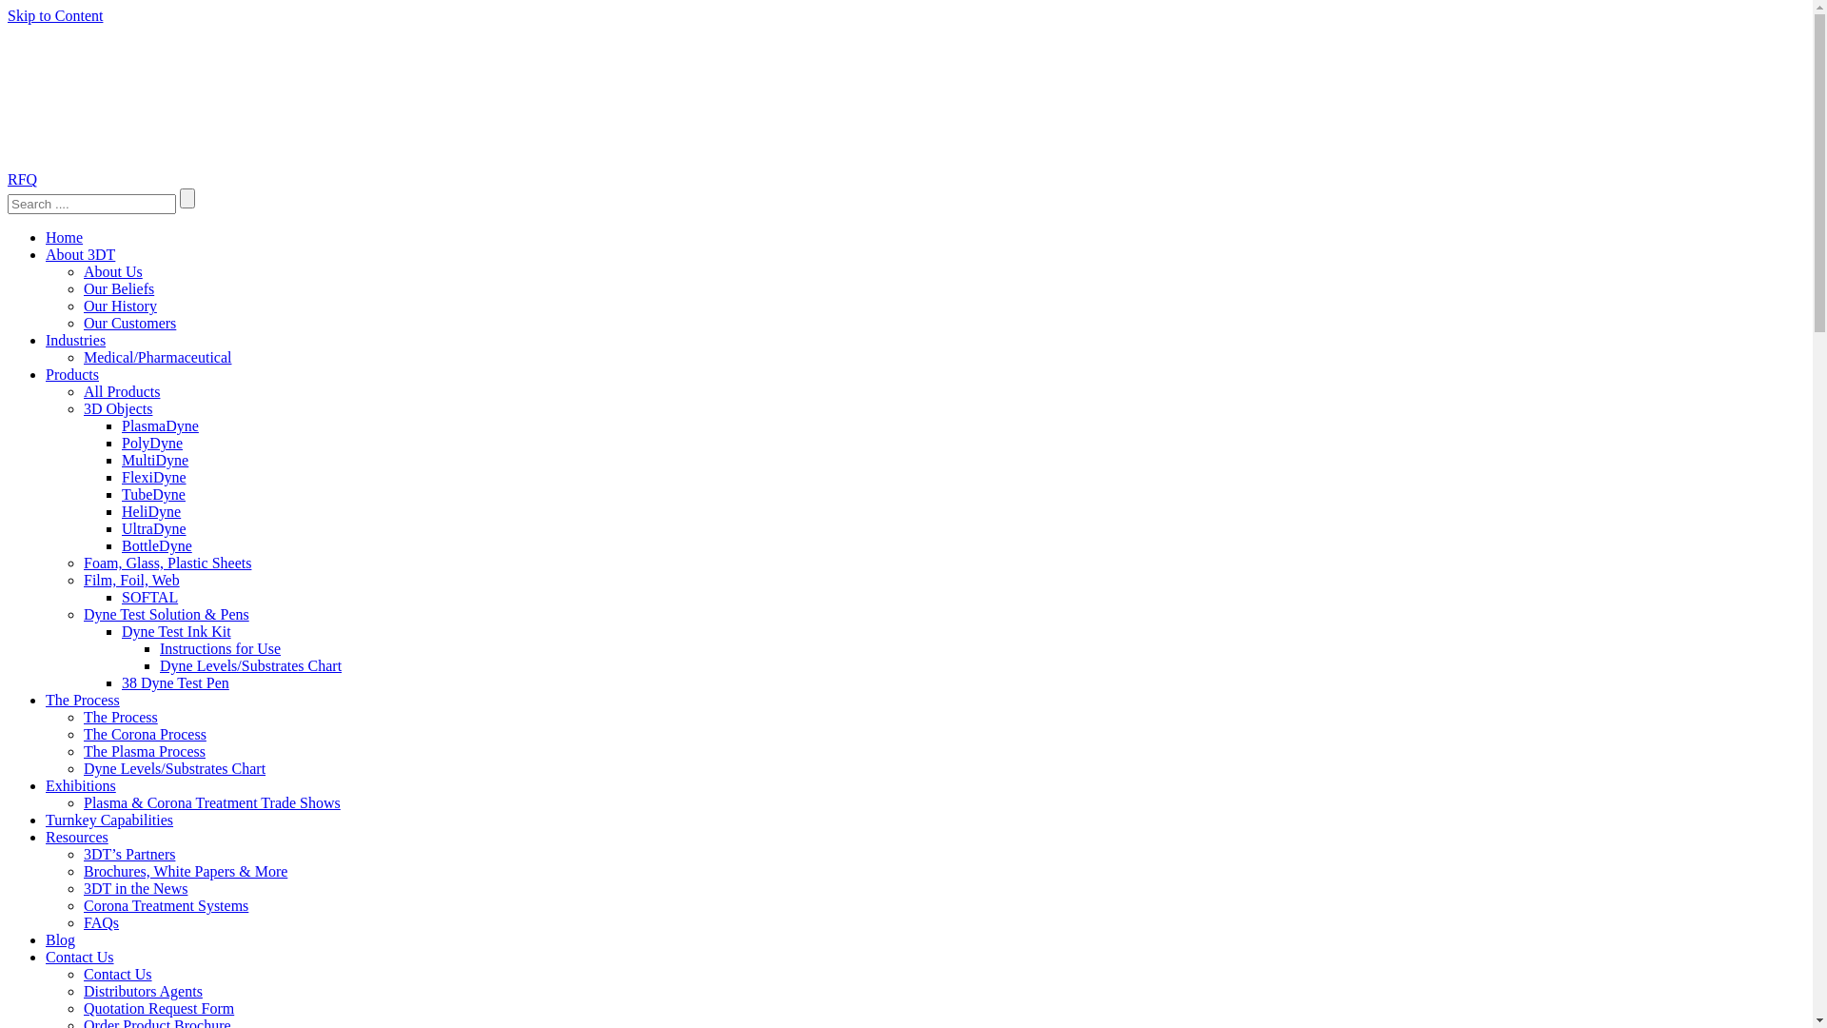 The width and height of the screenshot is (1827, 1028). I want to click on 'Distributors Agents', so click(142, 990).